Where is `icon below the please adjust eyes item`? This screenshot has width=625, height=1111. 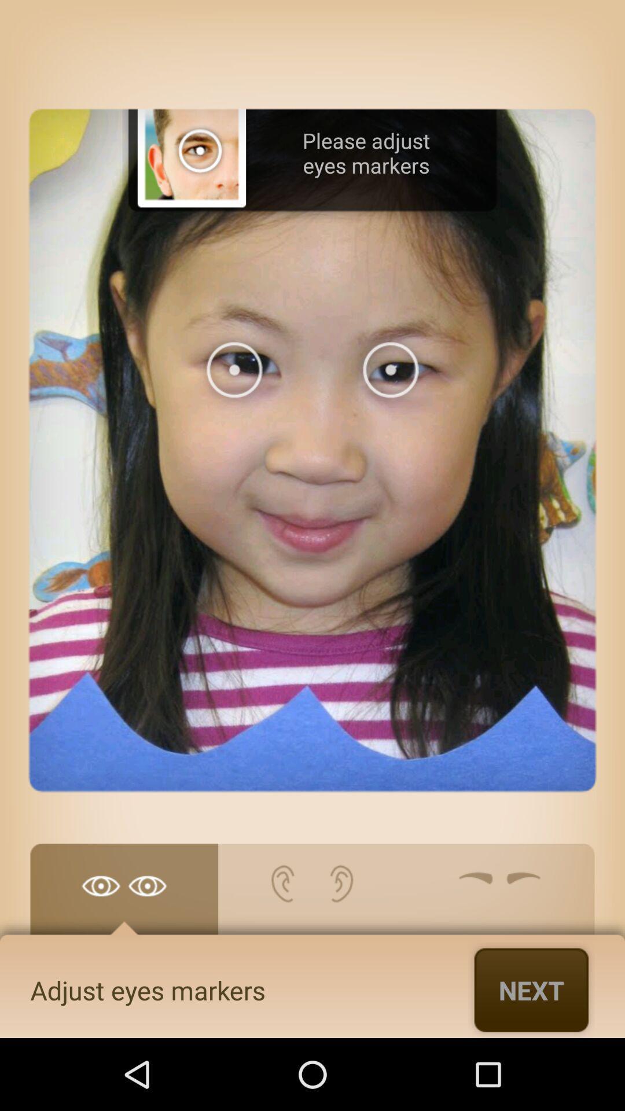
icon below the please adjust eyes item is located at coordinates (531, 989).